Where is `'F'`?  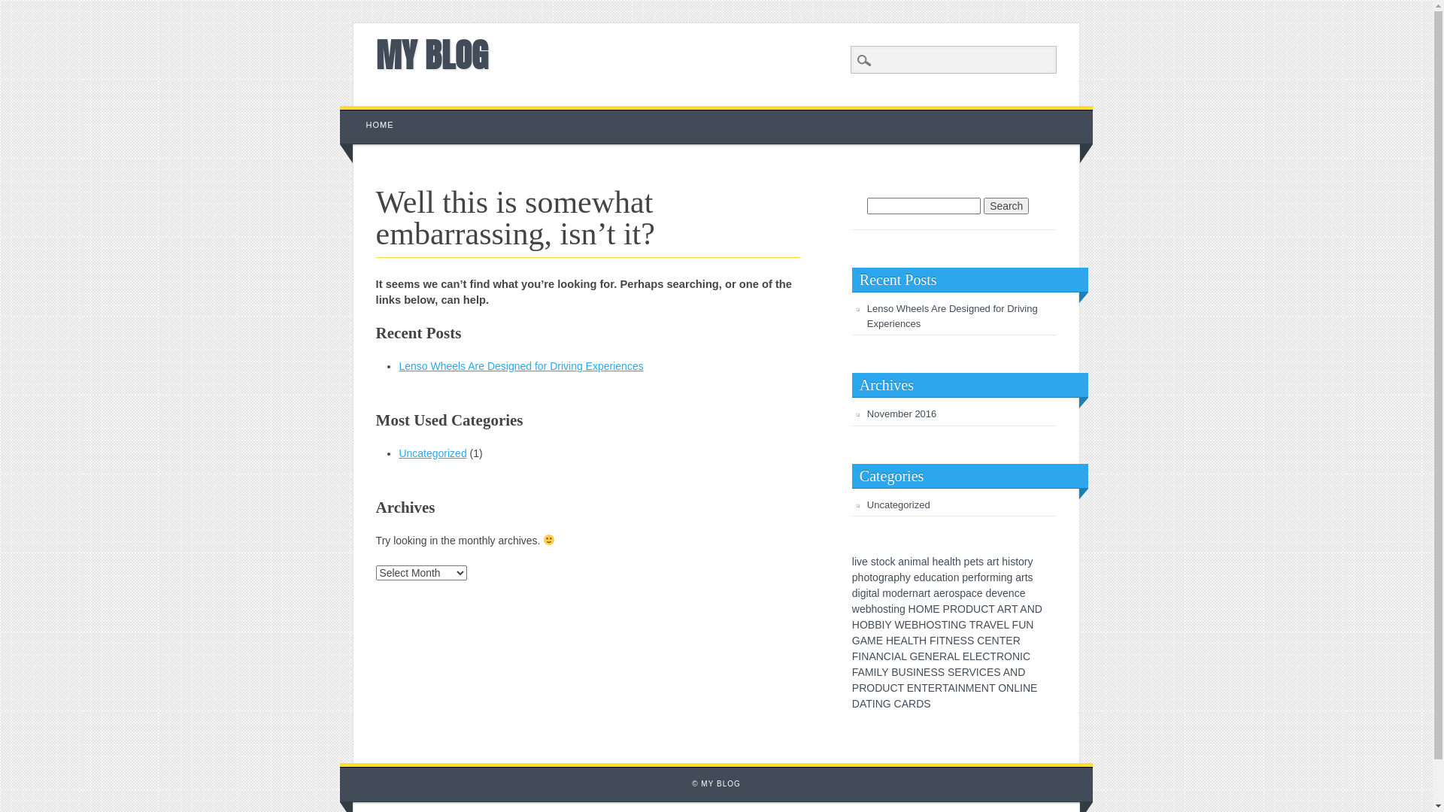
'F' is located at coordinates (855, 655).